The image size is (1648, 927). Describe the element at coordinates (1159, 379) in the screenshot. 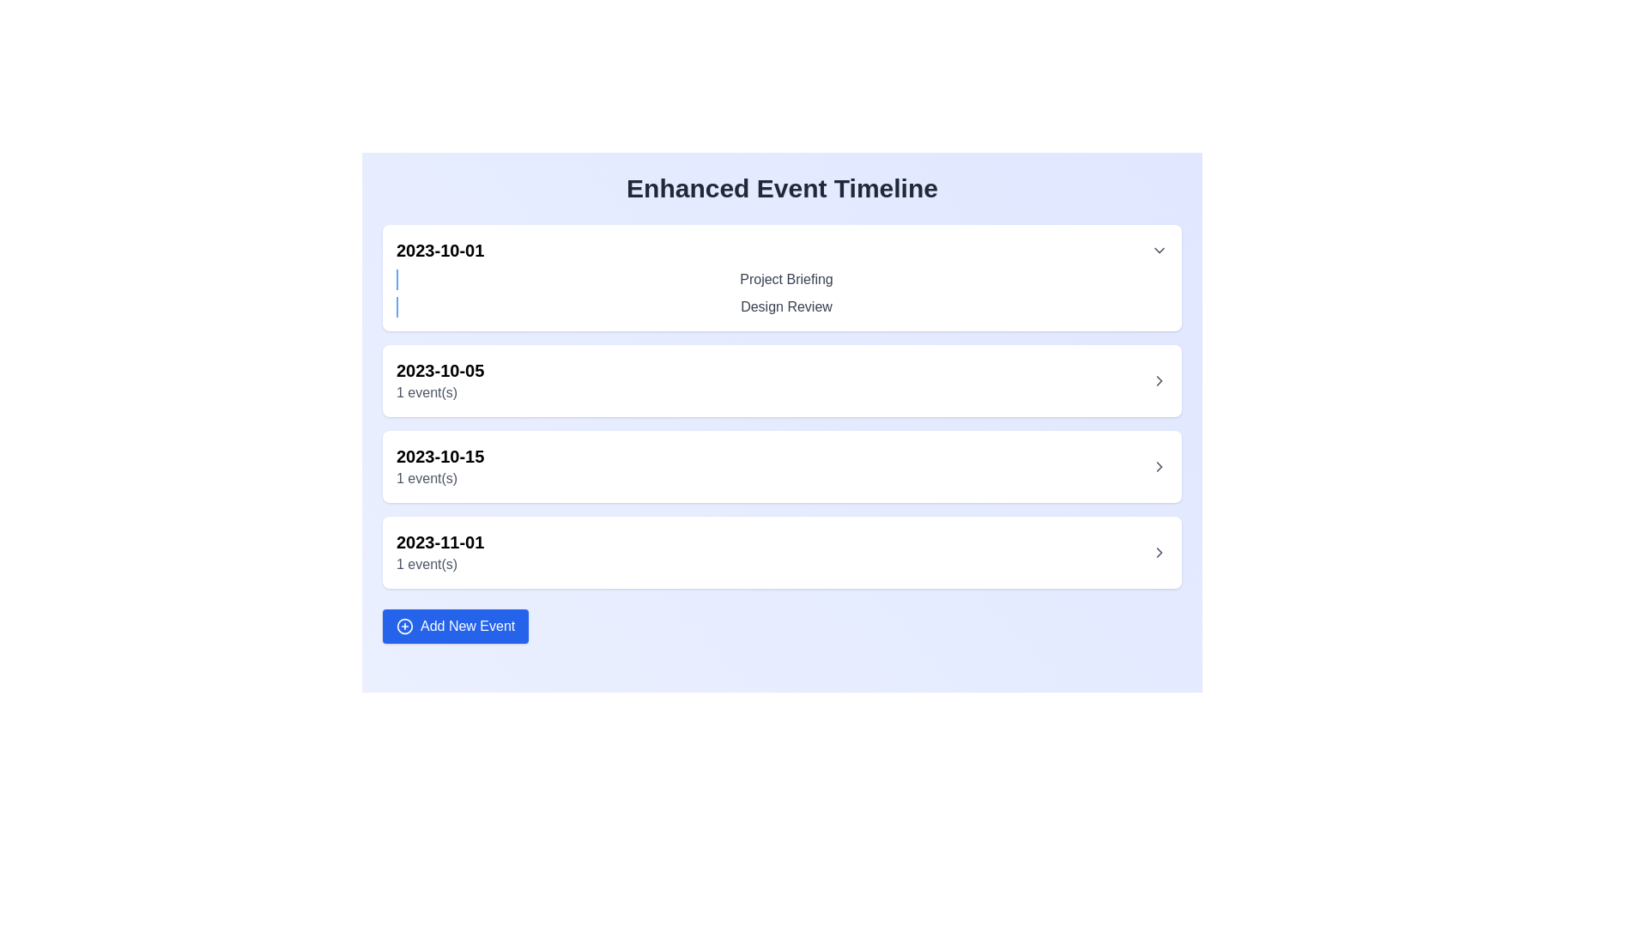

I see `the chevron-right icon located on the far-right side of the entry for the date '2023-10-05'` at that location.